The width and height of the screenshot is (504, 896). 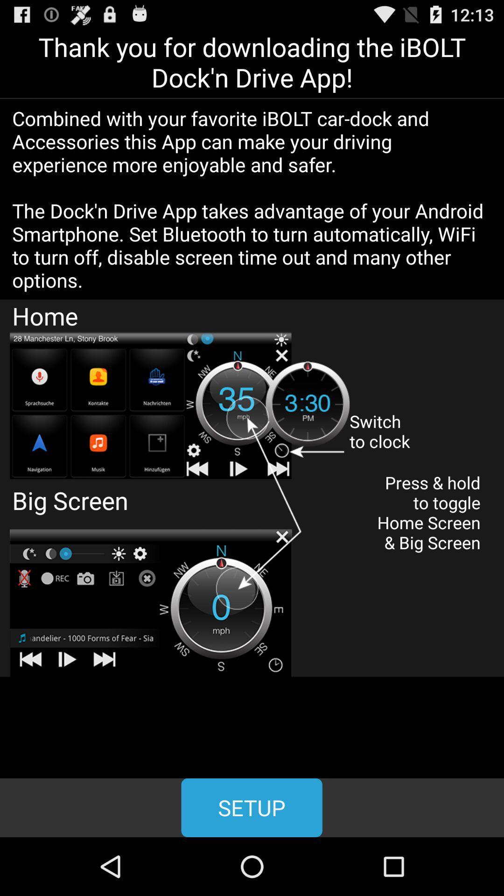 What do you see at coordinates (251, 807) in the screenshot?
I see `the button at the bottom` at bounding box center [251, 807].